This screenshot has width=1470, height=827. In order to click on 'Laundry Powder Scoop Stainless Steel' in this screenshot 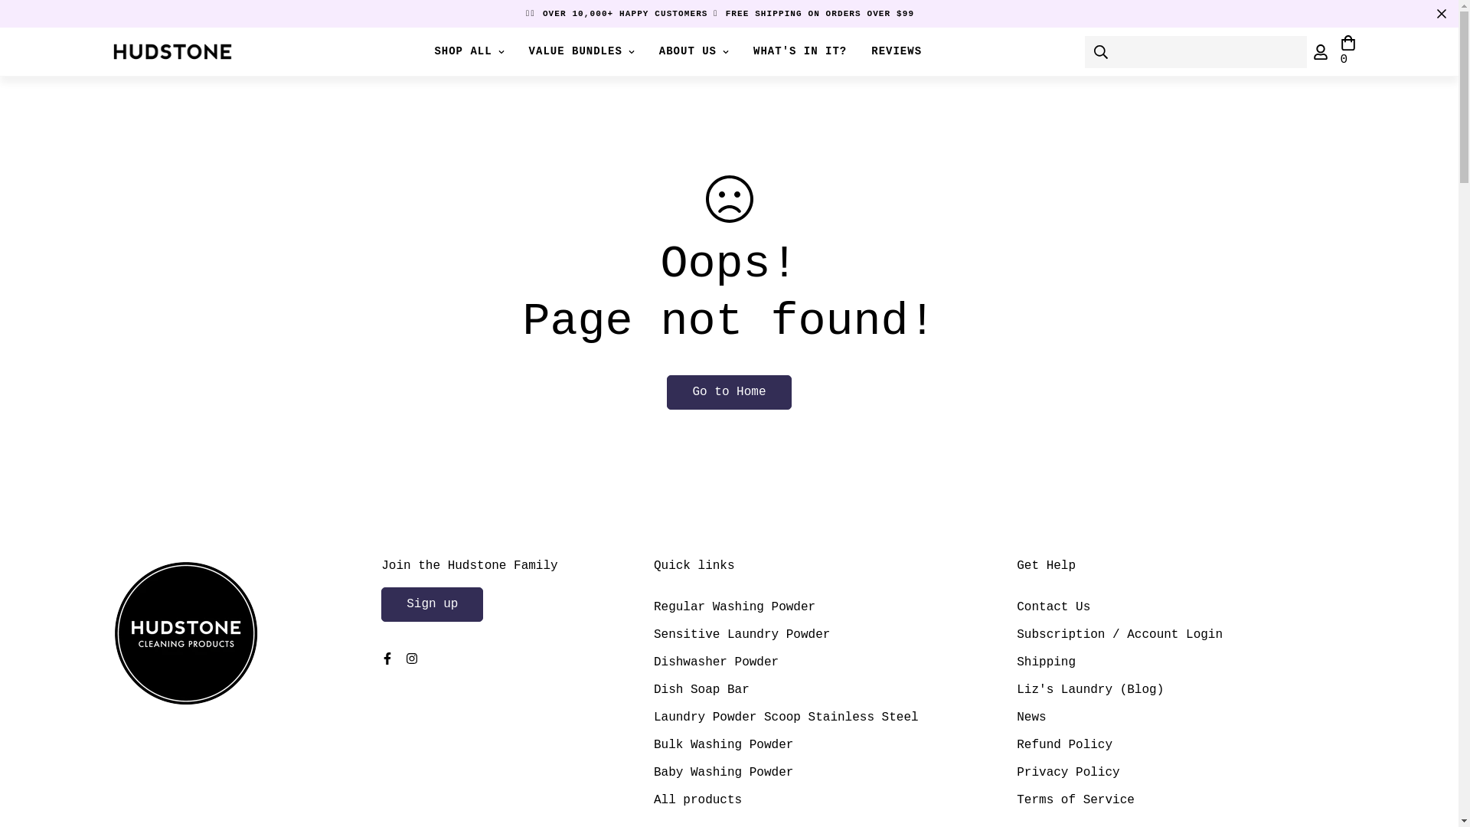, I will do `click(786, 717)`.